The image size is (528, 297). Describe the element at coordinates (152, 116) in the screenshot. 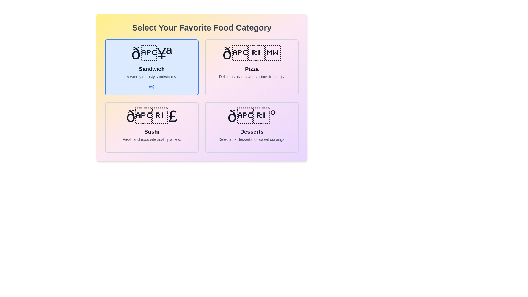

I see `the Sushi emoji icon located at the top of the Sushi card, which visually represents the category 'Sushi'` at that location.